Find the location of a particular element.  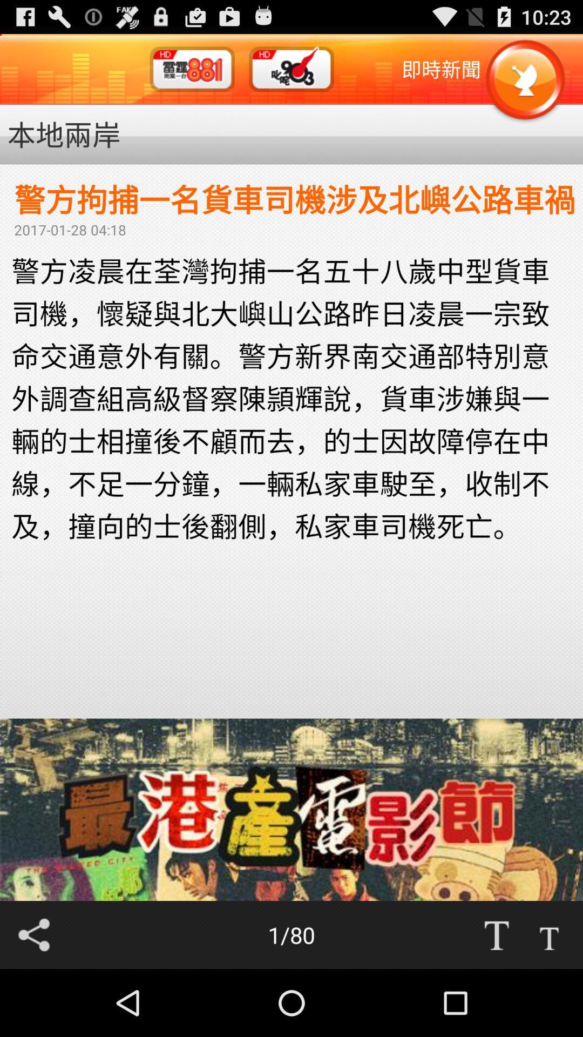

decrease font is located at coordinates (549, 934).